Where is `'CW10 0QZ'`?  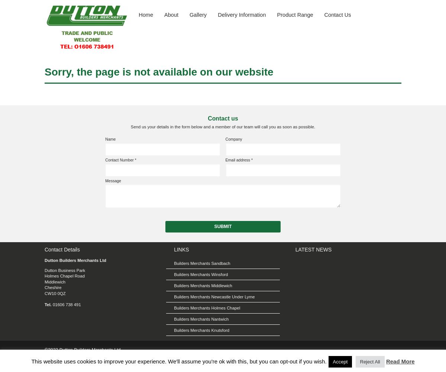 'CW10 0QZ' is located at coordinates (55, 293).